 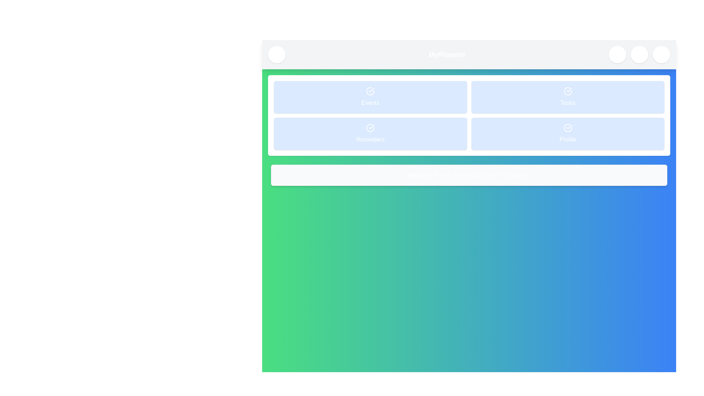 What do you see at coordinates (447, 54) in the screenshot?
I see `the header text 'MyPlanner'` at bounding box center [447, 54].